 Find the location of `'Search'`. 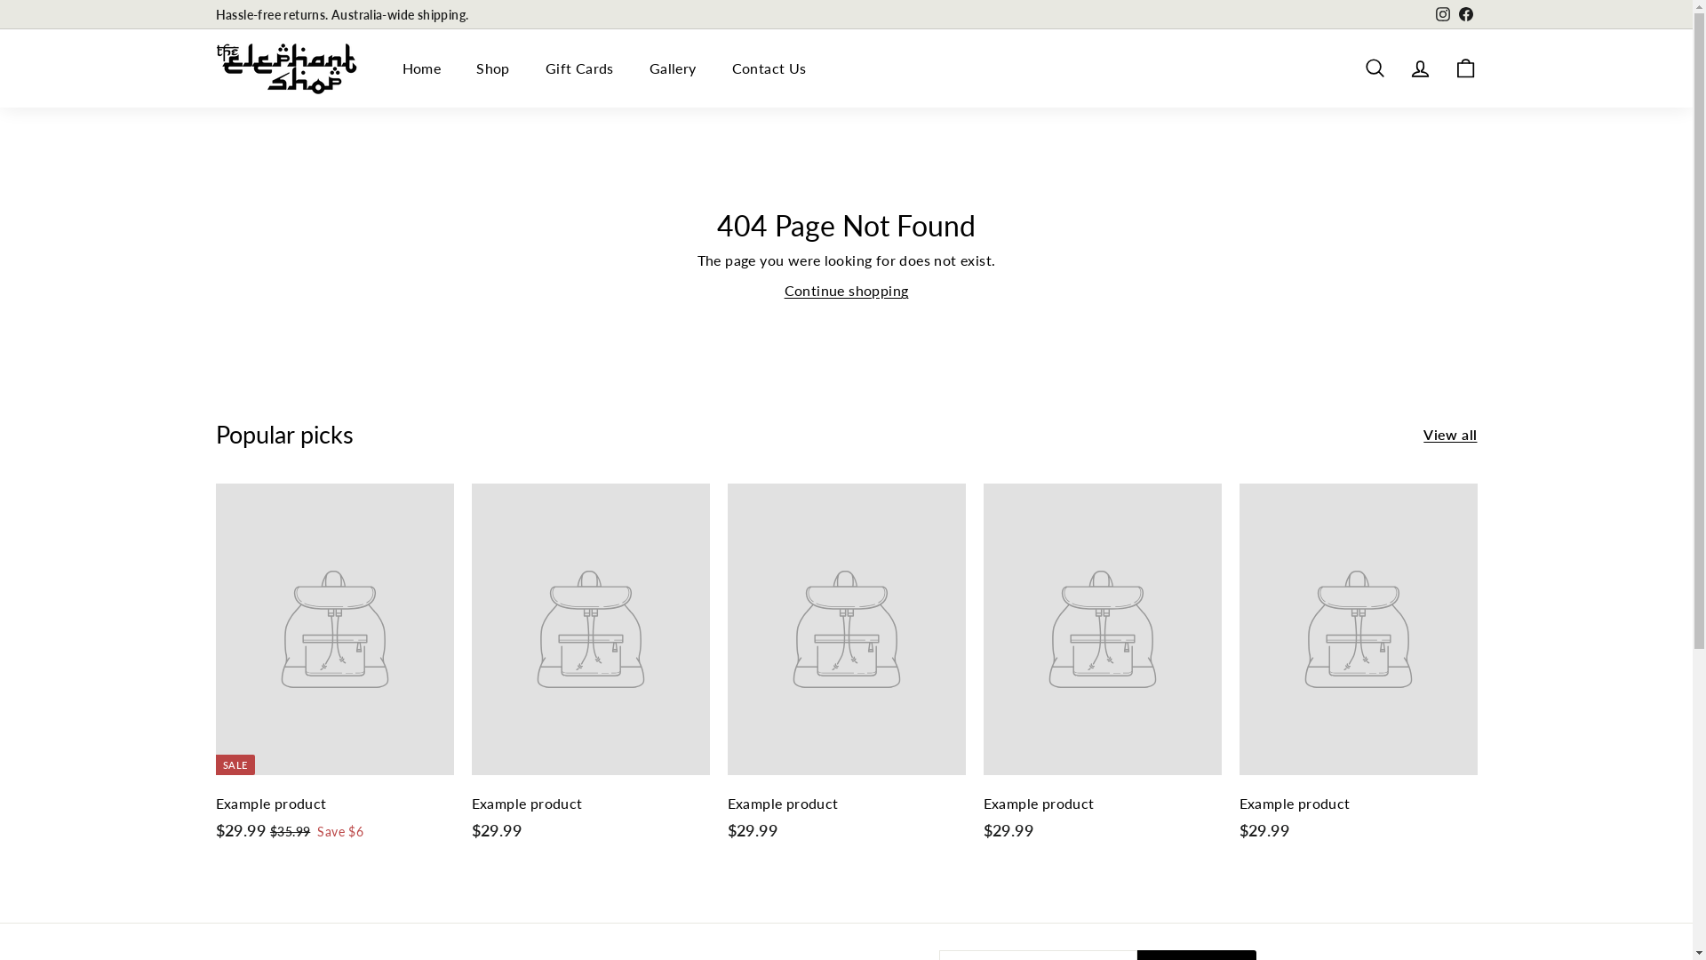

'Search' is located at coordinates (1374, 67).